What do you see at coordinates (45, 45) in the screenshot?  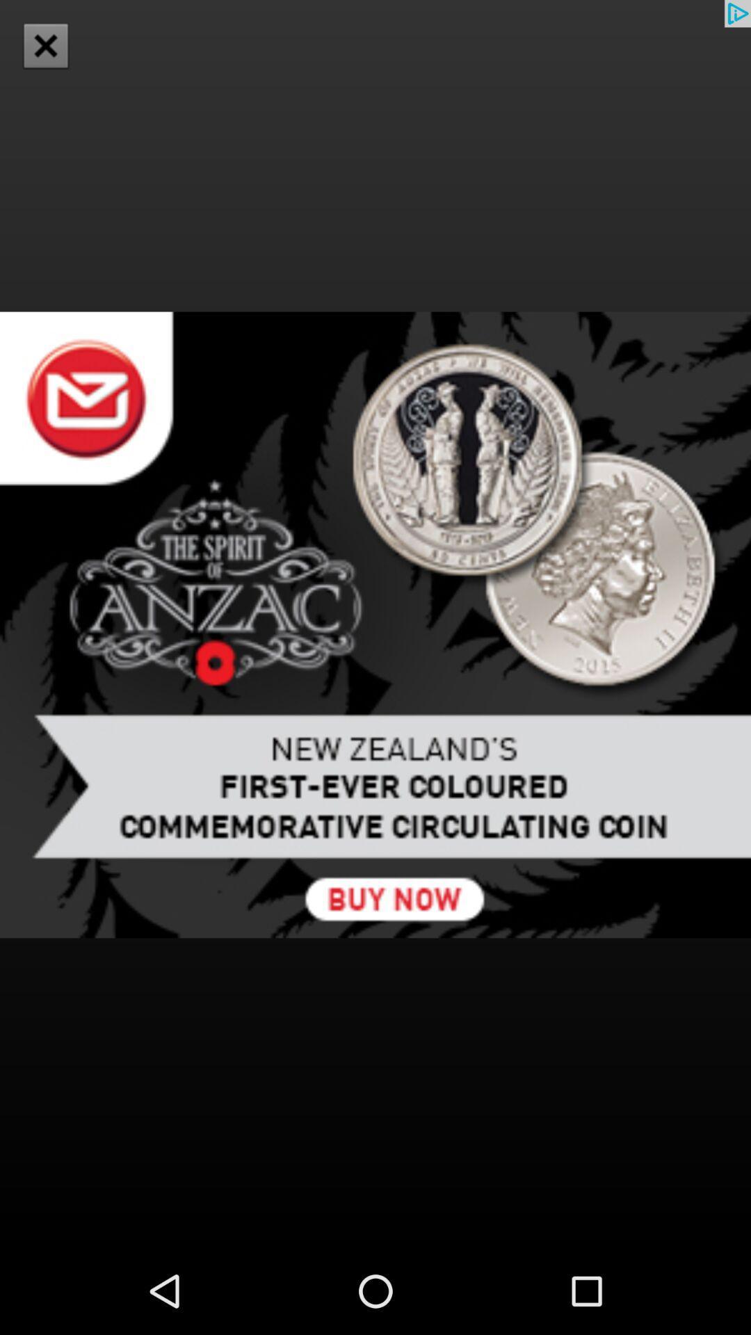 I see `the close icon` at bounding box center [45, 45].